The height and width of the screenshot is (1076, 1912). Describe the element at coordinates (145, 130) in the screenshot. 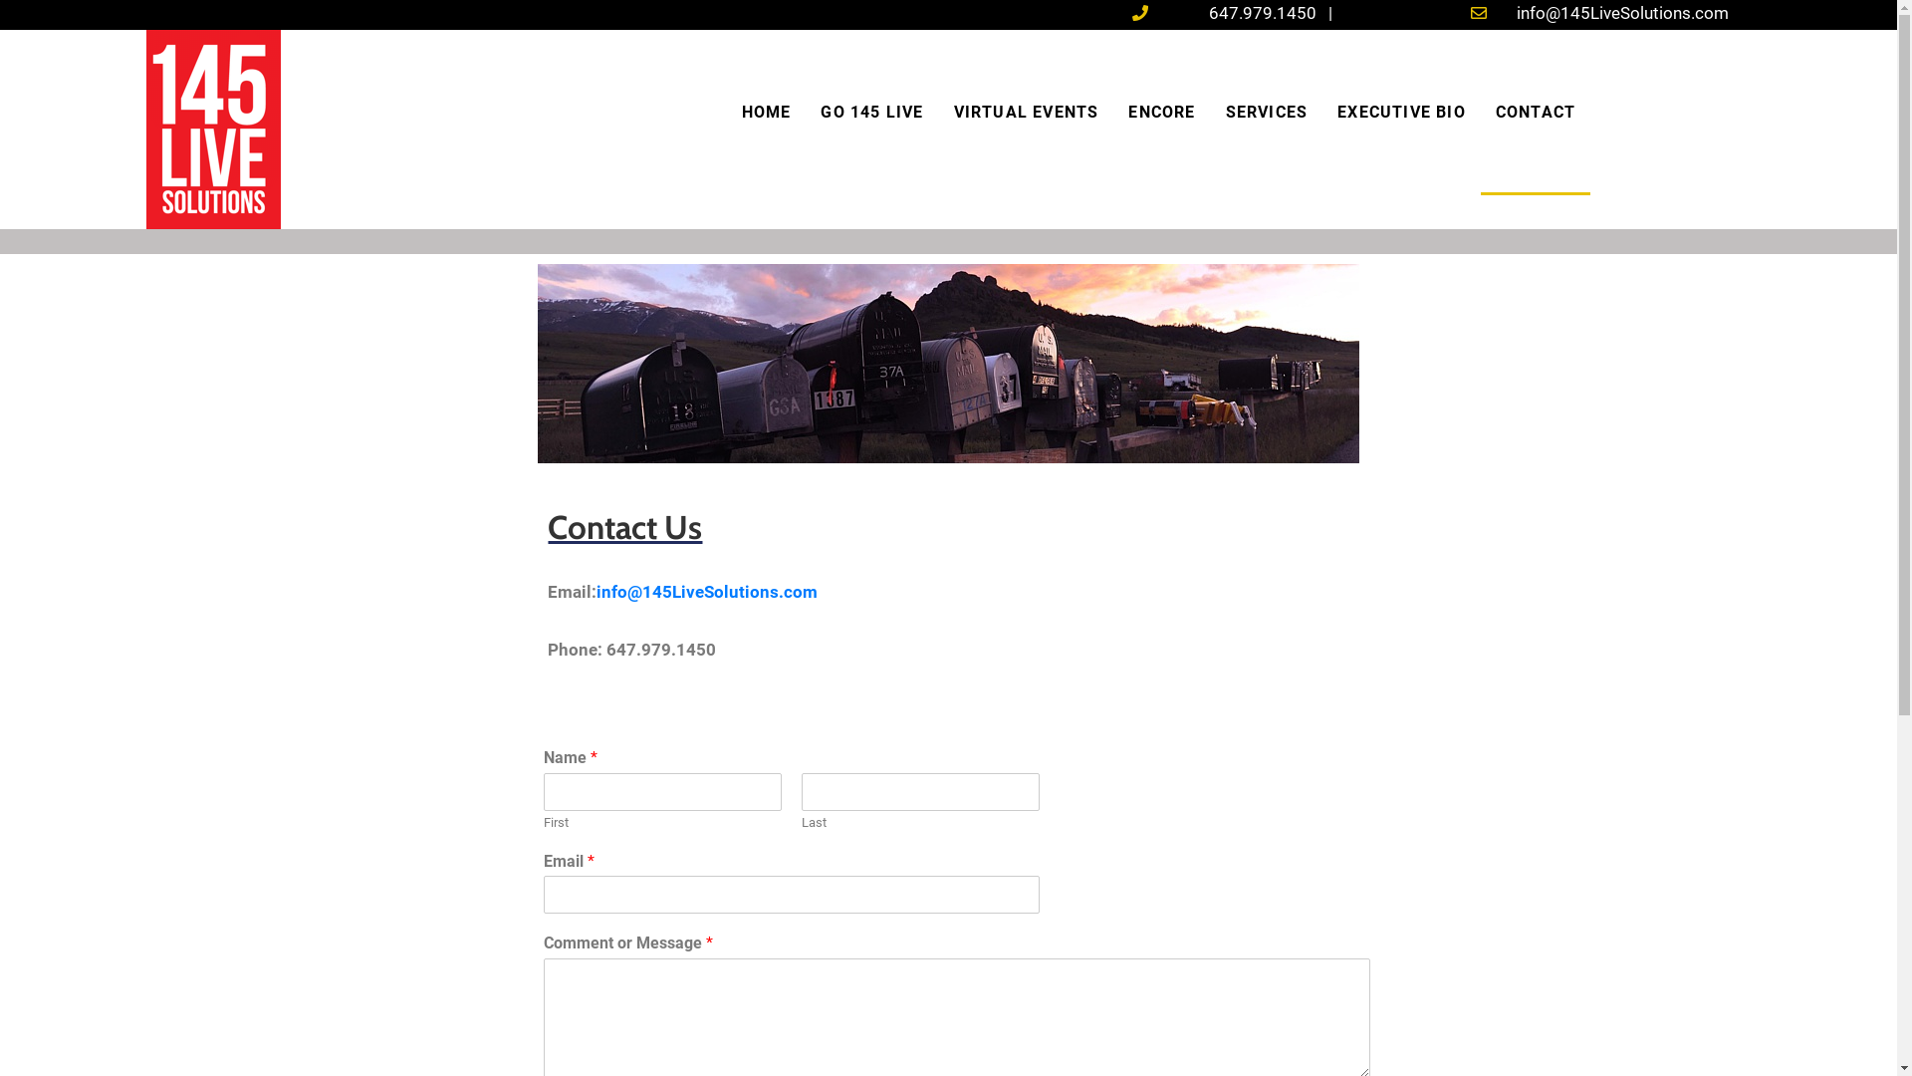

I see `'145logo'` at that location.